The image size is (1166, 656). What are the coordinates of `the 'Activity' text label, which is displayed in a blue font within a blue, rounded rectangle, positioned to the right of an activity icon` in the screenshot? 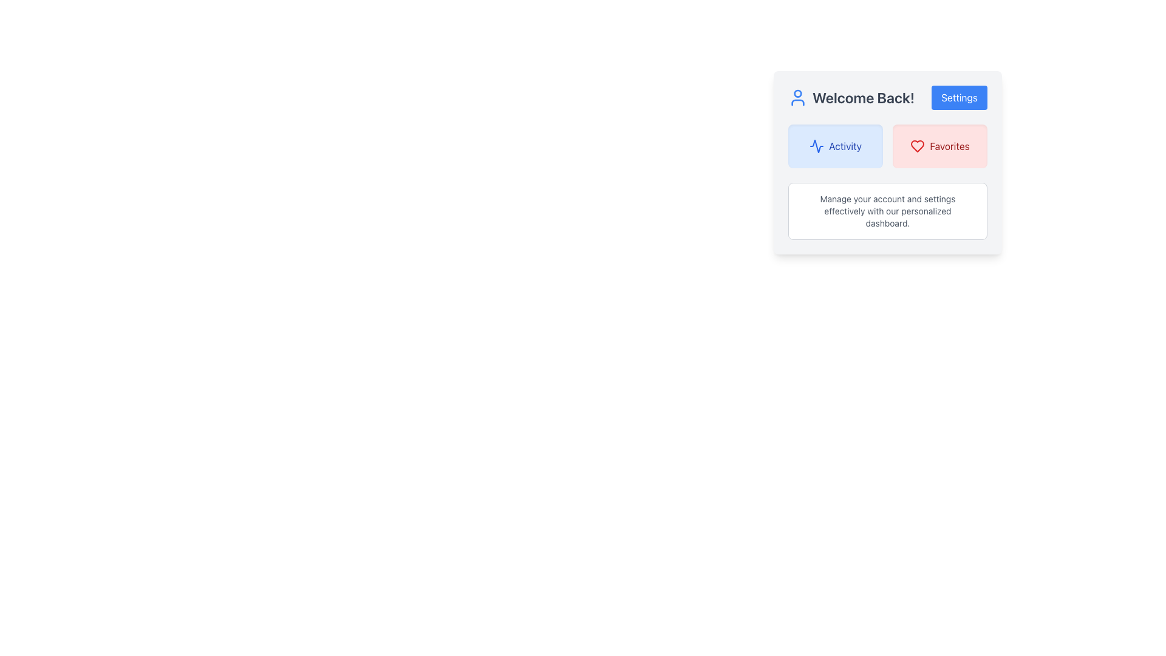 It's located at (845, 145).